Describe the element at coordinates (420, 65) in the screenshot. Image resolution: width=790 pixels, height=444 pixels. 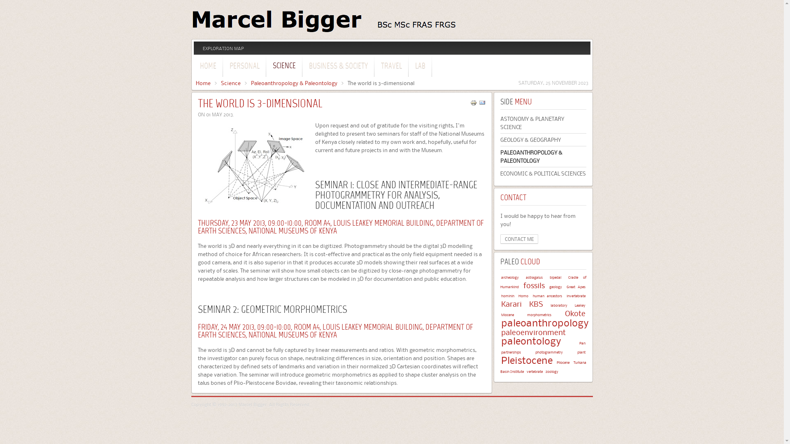
I see `'LAB'` at that location.